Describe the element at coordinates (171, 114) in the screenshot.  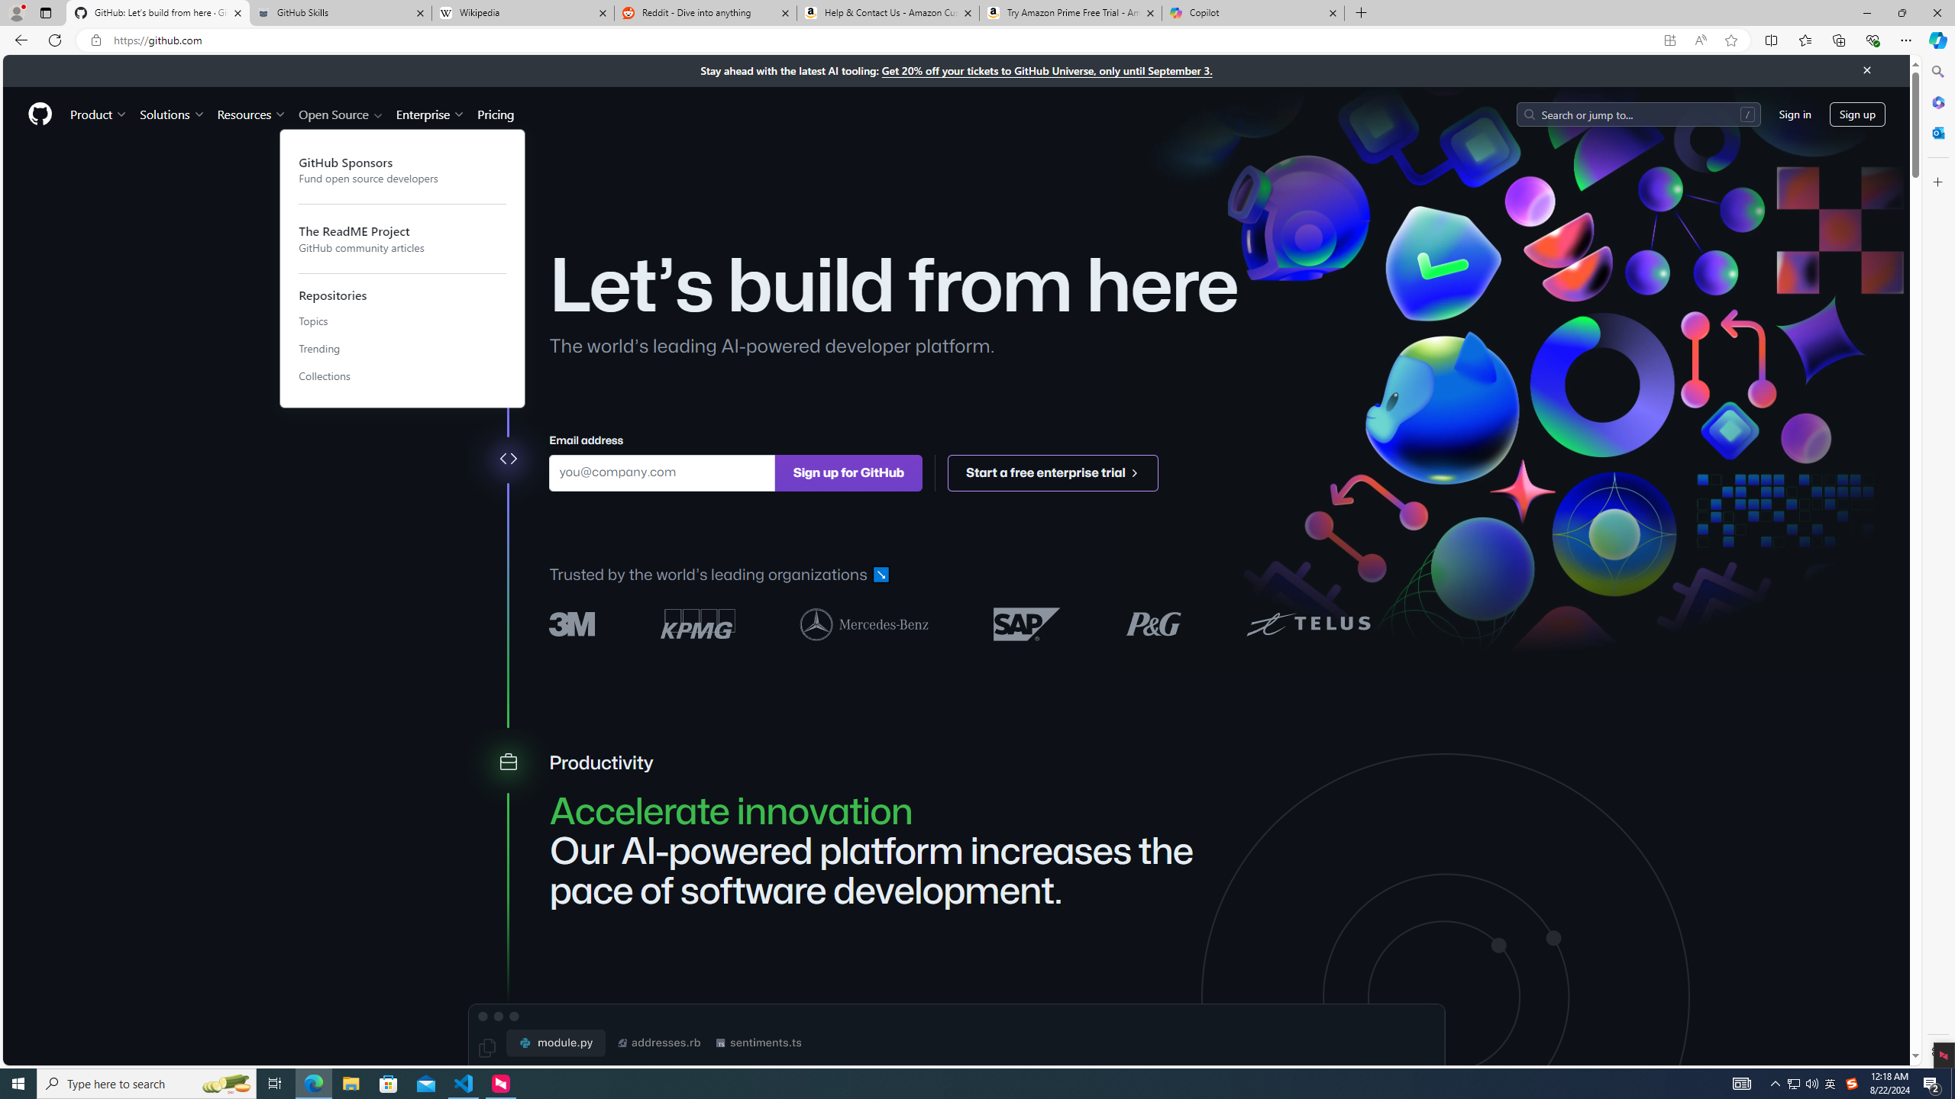
I see `'Solutions'` at that location.